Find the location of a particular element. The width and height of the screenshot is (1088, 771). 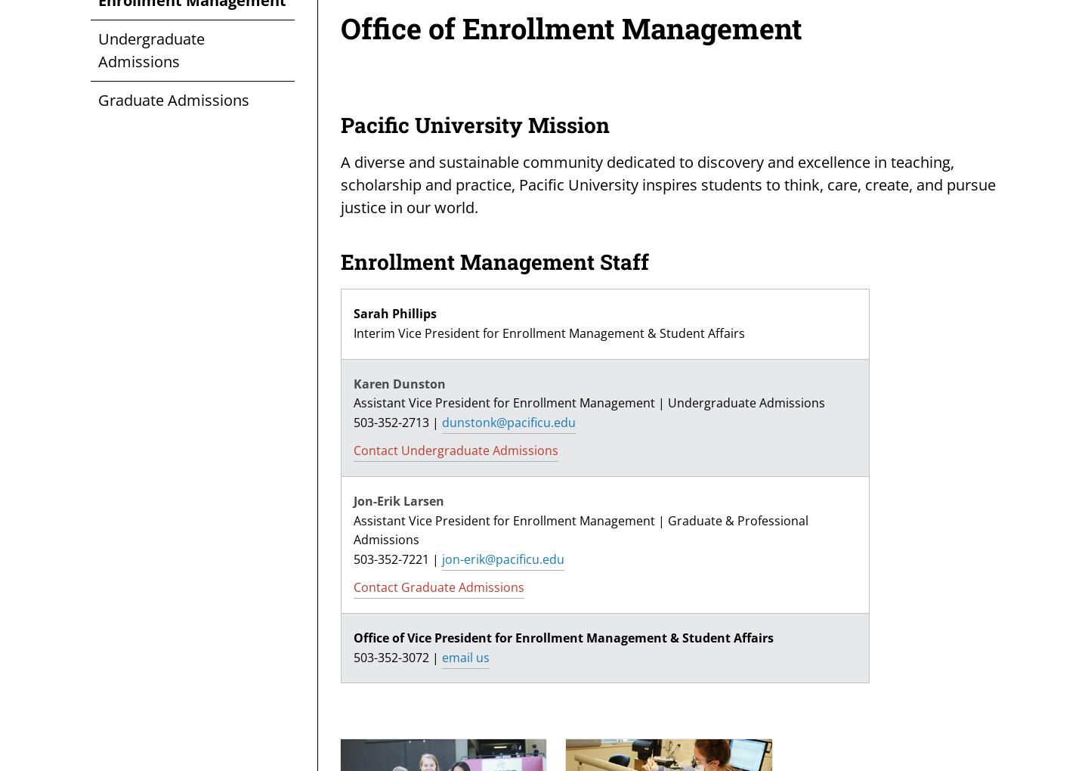

'email us' is located at coordinates (465, 656).